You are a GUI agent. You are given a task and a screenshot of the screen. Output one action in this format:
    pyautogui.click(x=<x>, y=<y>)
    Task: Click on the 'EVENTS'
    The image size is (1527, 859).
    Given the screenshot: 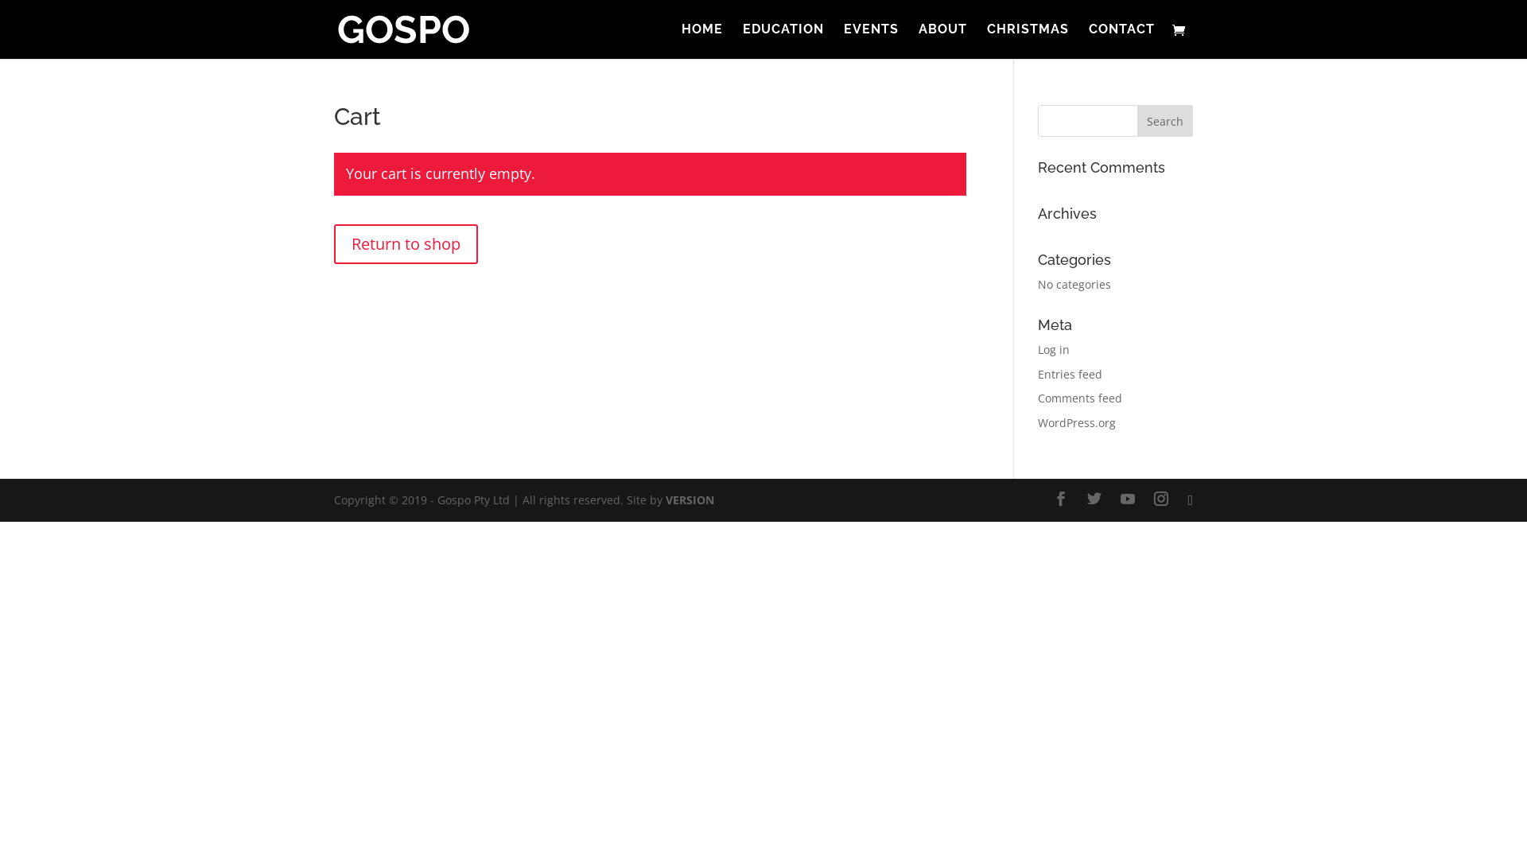 What is the action you would take?
    pyautogui.click(x=870, y=40)
    